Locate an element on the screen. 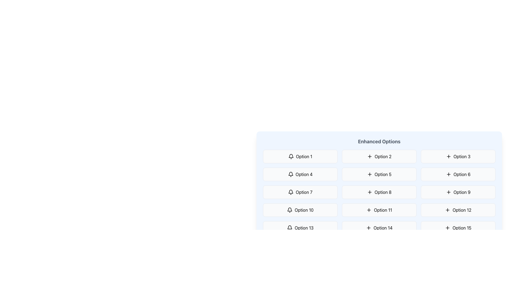 The width and height of the screenshot is (519, 292). the bell icon within the 'Option 10' button, which is part of the 'Enhanced Options' section in the bottom-left corner of the grid is located at coordinates (290, 210).